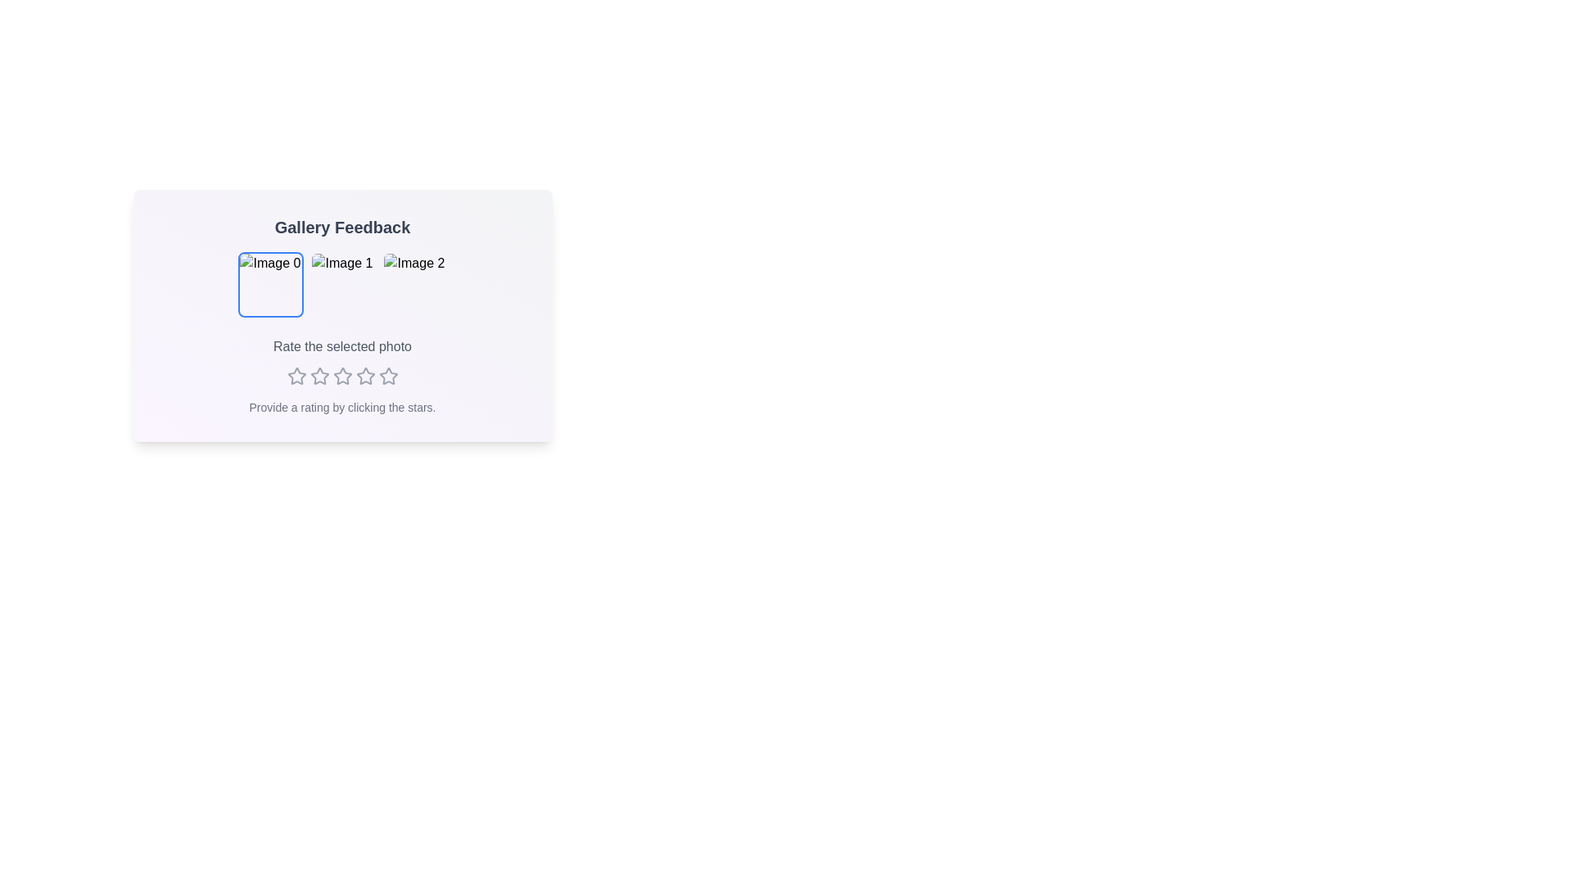  I want to click on the third rating star icon, which is styled with a soft gray outline and located below the 'Rate the selected photo' label in the 'Gallery Feedback' box, so click(319, 376).